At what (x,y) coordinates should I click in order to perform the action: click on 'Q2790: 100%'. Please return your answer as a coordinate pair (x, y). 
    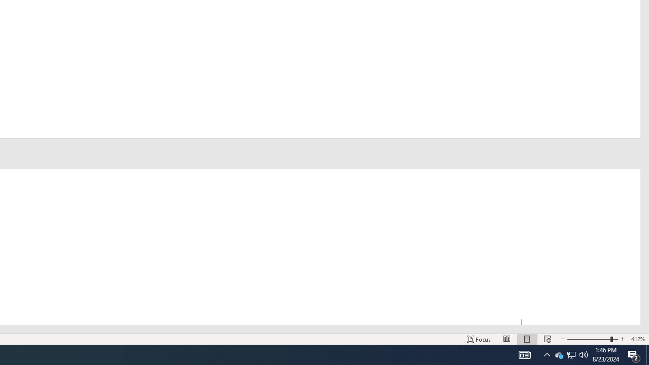
    Looking at the image, I should click on (547, 354).